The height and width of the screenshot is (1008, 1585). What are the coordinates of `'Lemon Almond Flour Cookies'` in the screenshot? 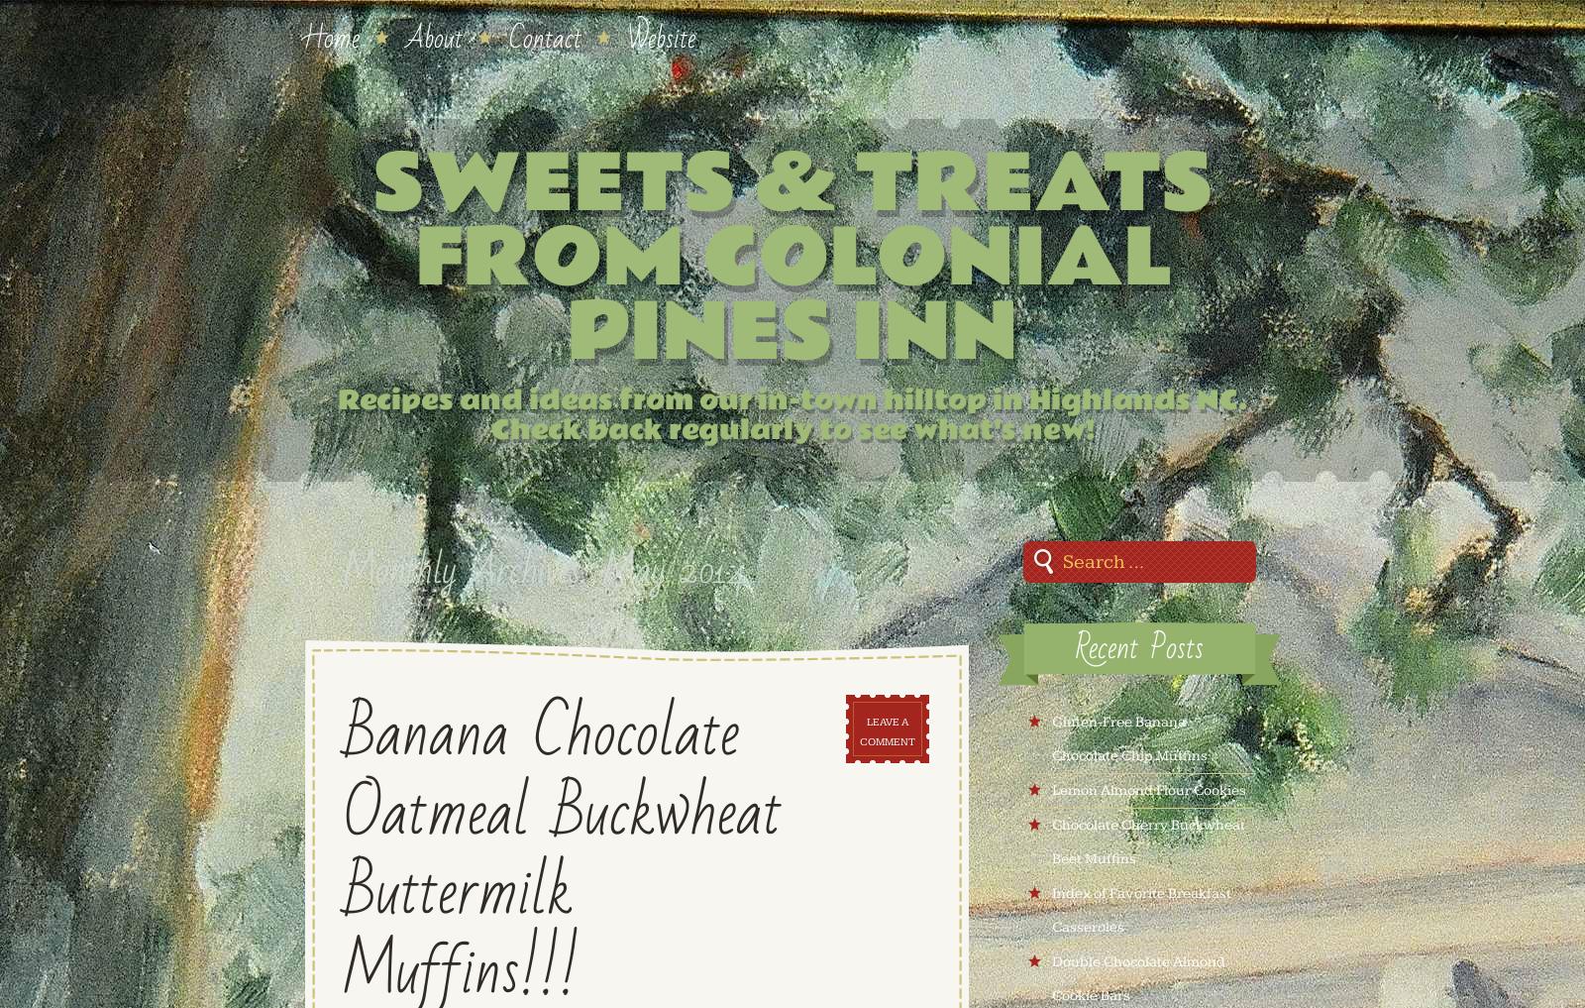 It's located at (1148, 789).